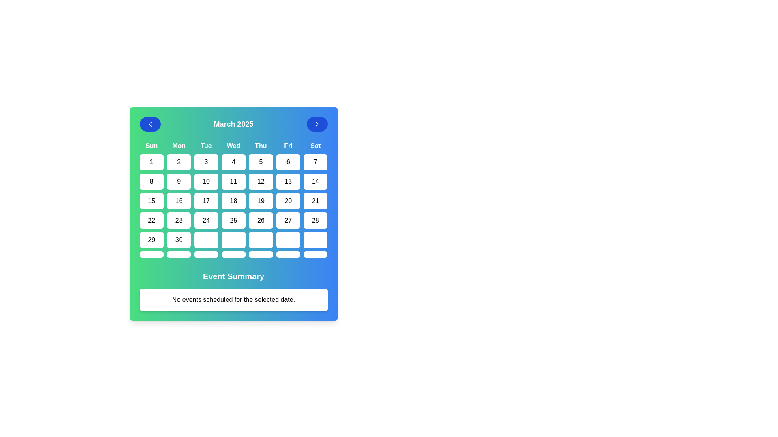 This screenshot has height=437, width=778. I want to click on the rectangular button with a white background and black text displaying the number '3' located in the third column under 'Tue' in the first row of the calendar grid, so click(206, 162).